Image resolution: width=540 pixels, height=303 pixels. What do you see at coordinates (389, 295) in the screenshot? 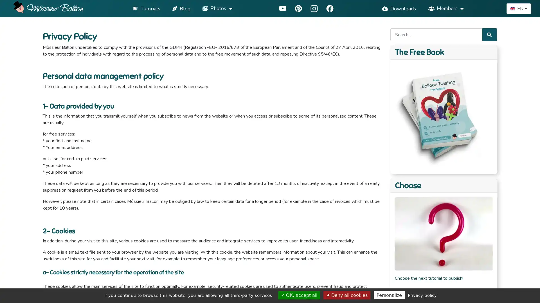
I see `Personalize (modal window)` at bounding box center [389, 295].